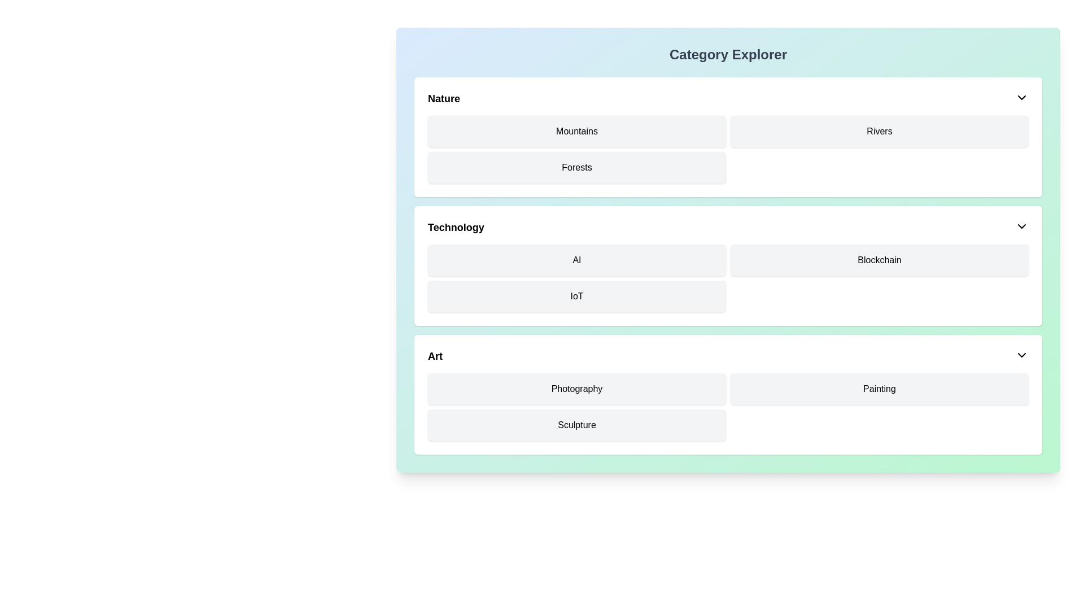 This screenshot has width=1084, height=610. I want to click on the 'Photography' category selection block located in the first column and first row of the grid under the 'Art' section, so click(577, 389).